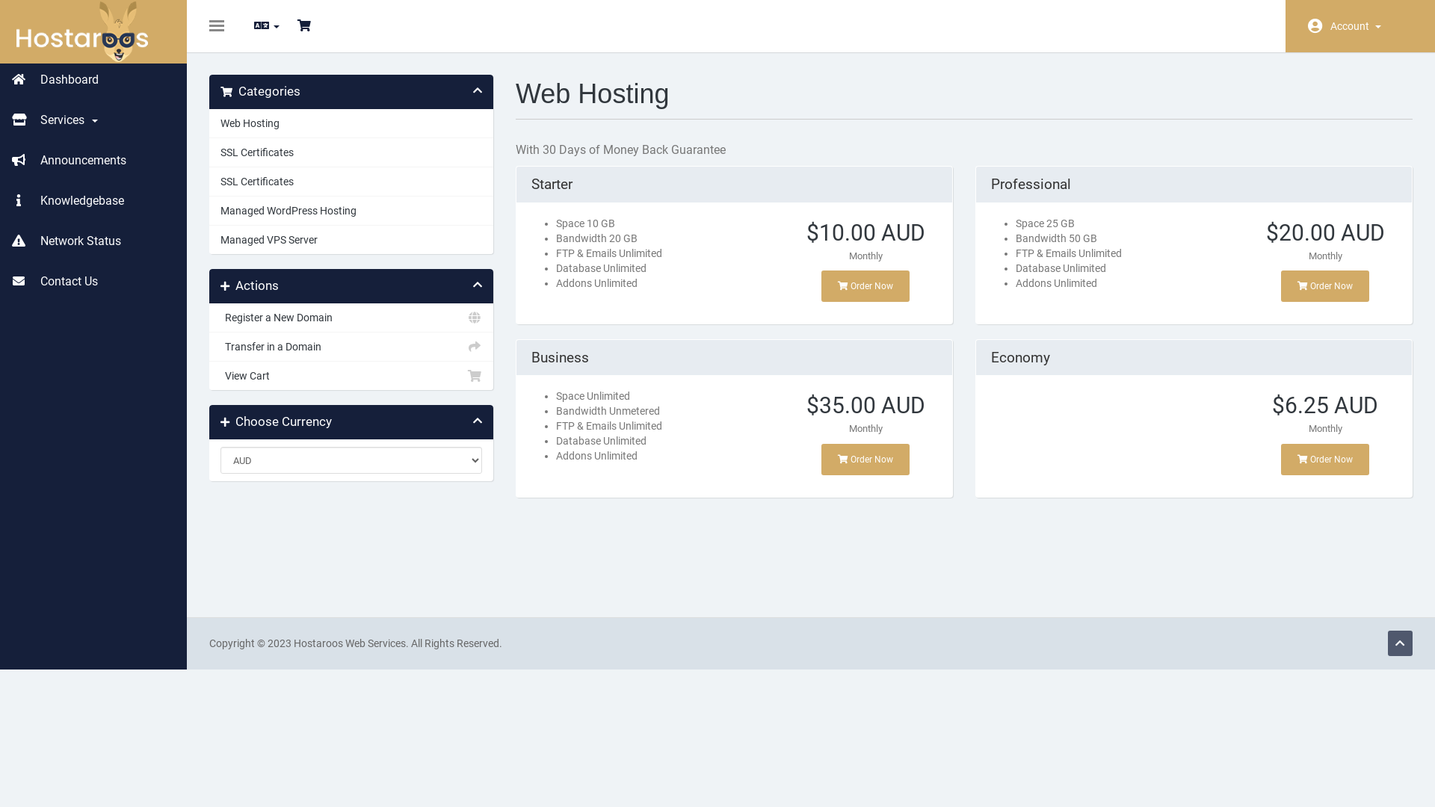 This screenshot has width=1435, height=807. Describe the element at coordinates (92, 80) in the screenshot. I see `'Dashboard'` at that location.